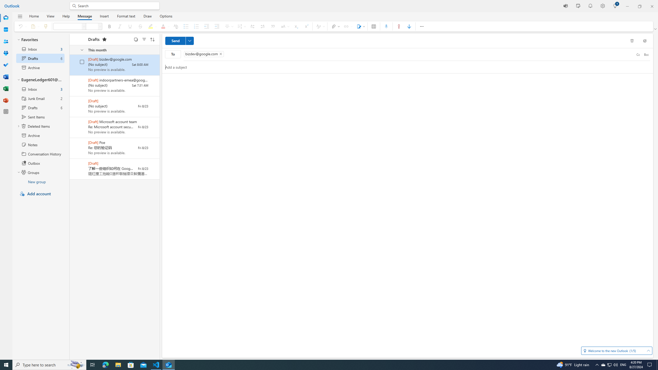 The height and width of the screenshot is (370, 658). What do you see at coordinates (334, 26) in the screenshot?
I see `'Attach file'` at bounding box center [334, 26].